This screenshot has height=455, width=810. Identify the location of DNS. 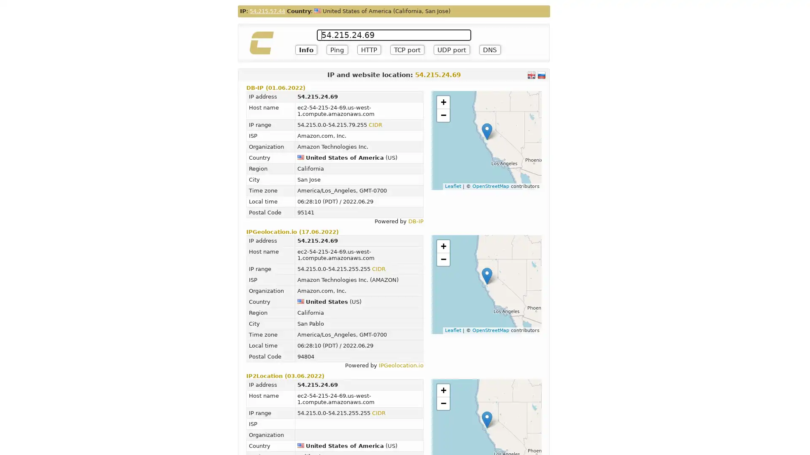
(489, 50).